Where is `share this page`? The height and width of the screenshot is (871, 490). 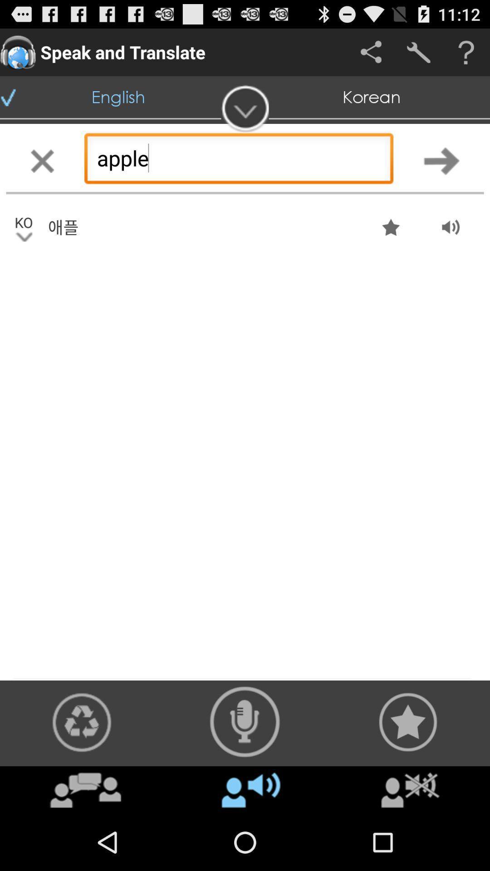 share this page is located at coordinates (371, 52).